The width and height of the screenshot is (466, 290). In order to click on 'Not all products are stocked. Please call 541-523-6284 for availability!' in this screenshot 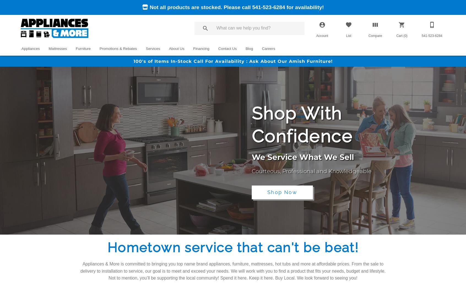, I will do `click(235, 7)`.